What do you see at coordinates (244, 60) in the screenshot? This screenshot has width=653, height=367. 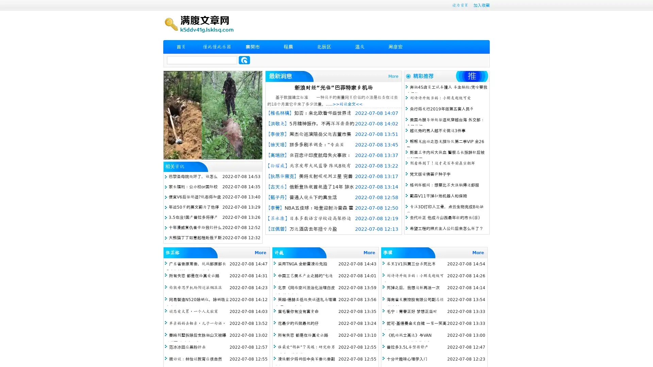 I see `Search` at bounding box center [244, 60].